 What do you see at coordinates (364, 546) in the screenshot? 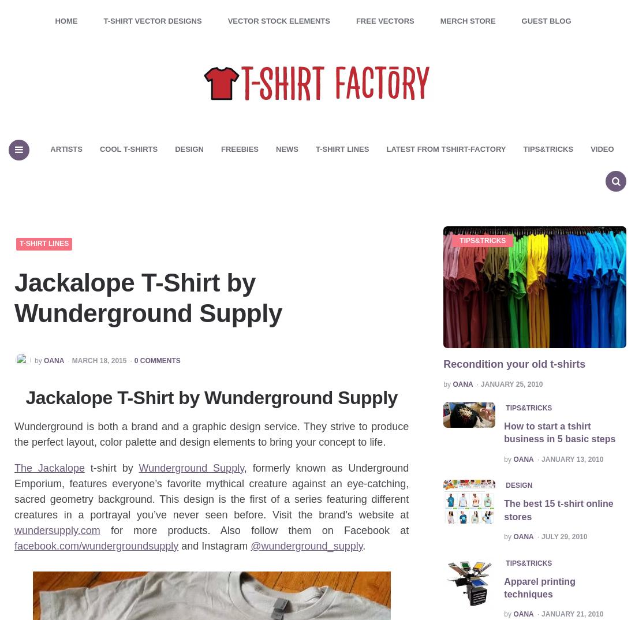
I see `'.'` at bounding box center [364, 546].